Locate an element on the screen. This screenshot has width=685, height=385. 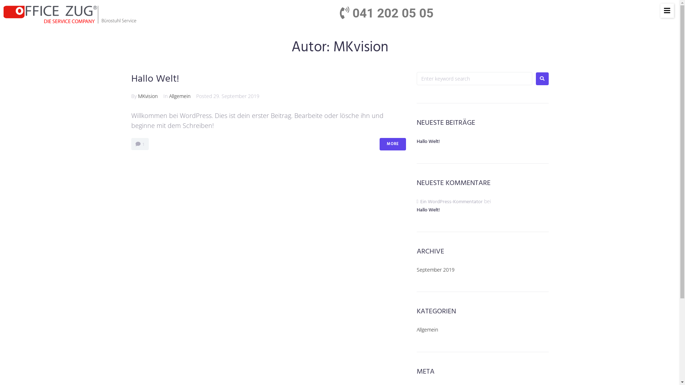
'MKvision' is located at coordinates (147, 96).